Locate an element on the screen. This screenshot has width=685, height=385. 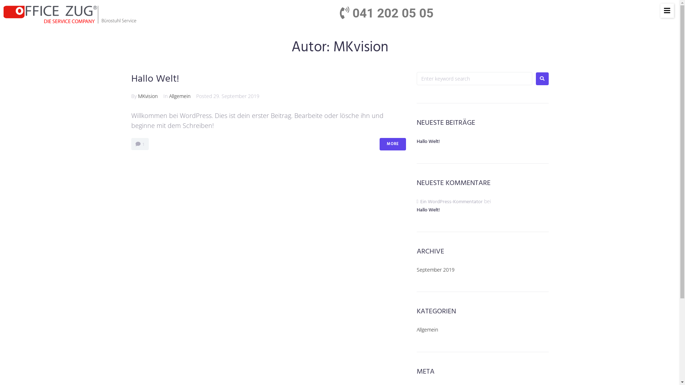
'MKvision' is located at coordinates (147, 96).